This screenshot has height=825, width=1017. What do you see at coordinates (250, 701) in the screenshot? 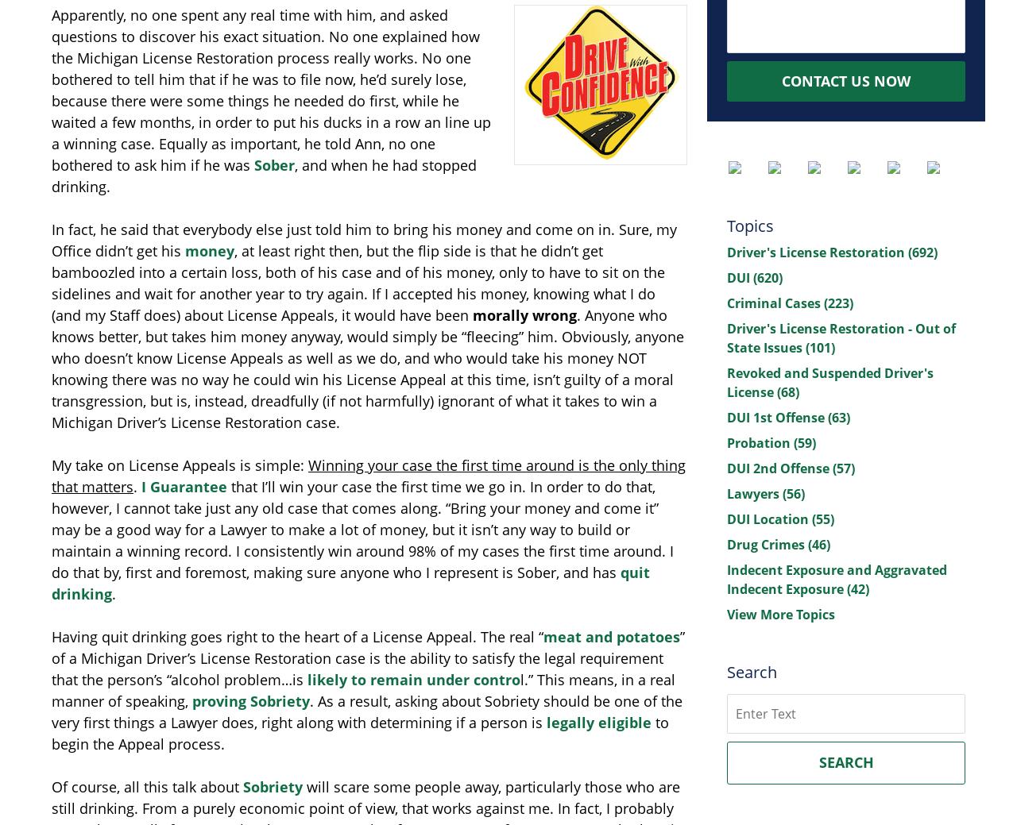
I see `'proving Sobriety'` at bounding box center [250, 701].